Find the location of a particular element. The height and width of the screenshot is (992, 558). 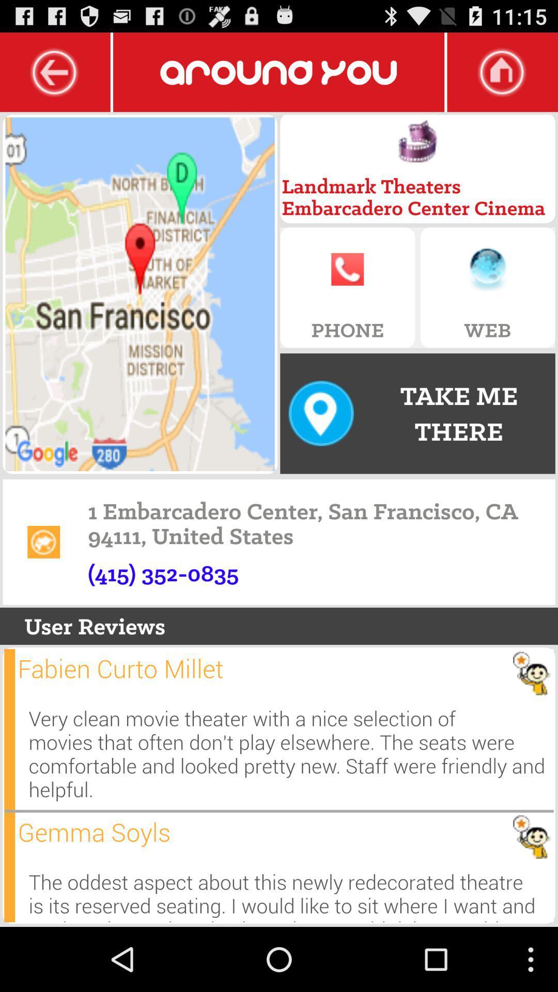

very clean movie icon is located at coordinates (291, 754).